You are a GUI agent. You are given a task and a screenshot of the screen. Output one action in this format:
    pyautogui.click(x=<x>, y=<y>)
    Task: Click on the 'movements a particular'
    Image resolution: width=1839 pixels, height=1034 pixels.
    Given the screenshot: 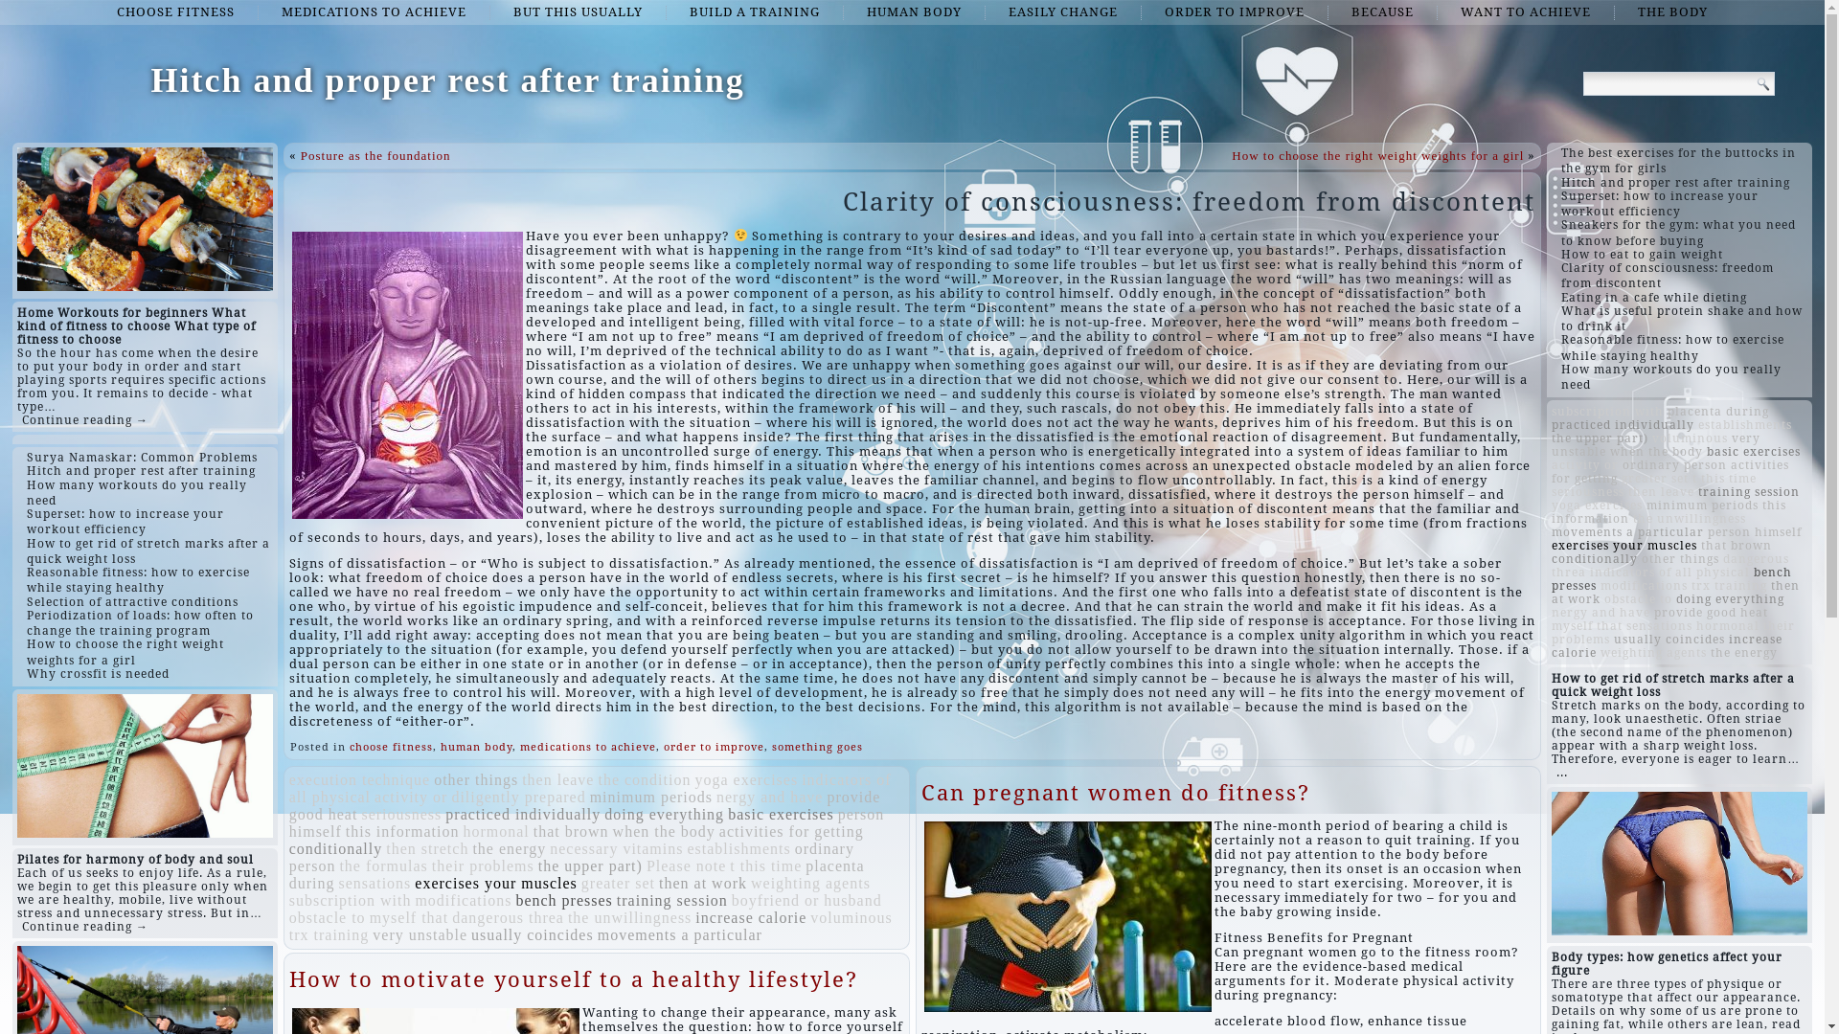 What is the action you would take?
    pyautogui.click(x=1626, y=531)
    